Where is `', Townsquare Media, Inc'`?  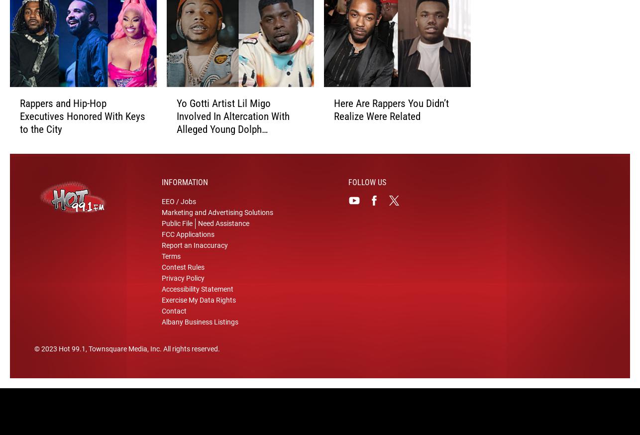
', Townsquare Media, Inc' is located at coordinates (122, 353).